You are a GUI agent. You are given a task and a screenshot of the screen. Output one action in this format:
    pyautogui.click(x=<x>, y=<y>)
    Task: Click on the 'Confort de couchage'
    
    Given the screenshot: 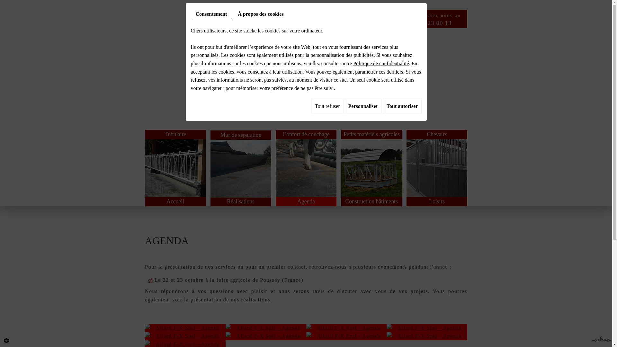 What is the action you would take?
    pyautogui.click(x=306, y=163)
    